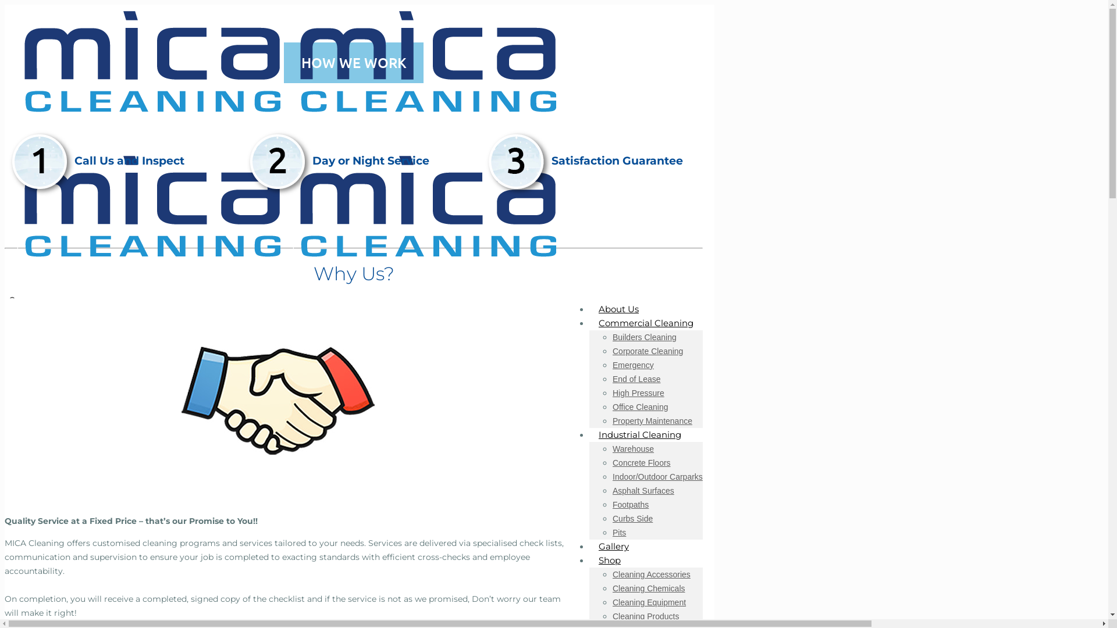 The height and width of the screenshot is (628, 1117). What do you see at coordinates (641, 462) in the screenshot?
I see `'Concrete Floors'` at bounding box center [641, 462].